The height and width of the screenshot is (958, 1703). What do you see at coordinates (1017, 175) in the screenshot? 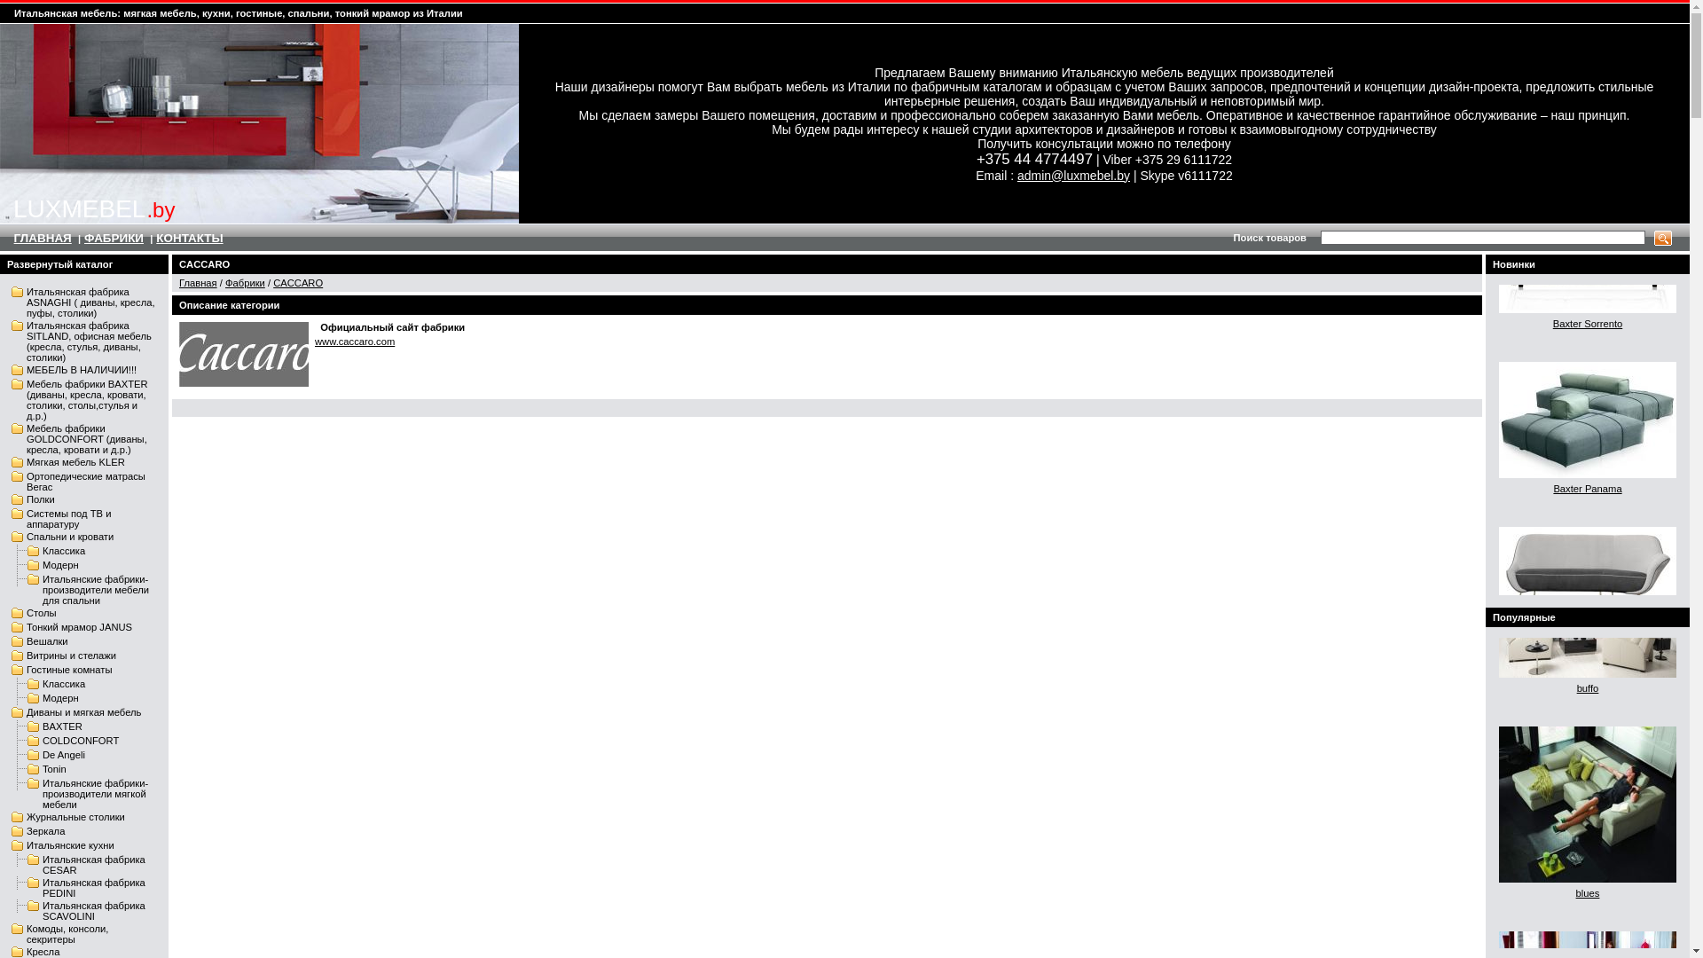
I see `'admin@luxmebel.by'` at bounding box center [1017, 175].